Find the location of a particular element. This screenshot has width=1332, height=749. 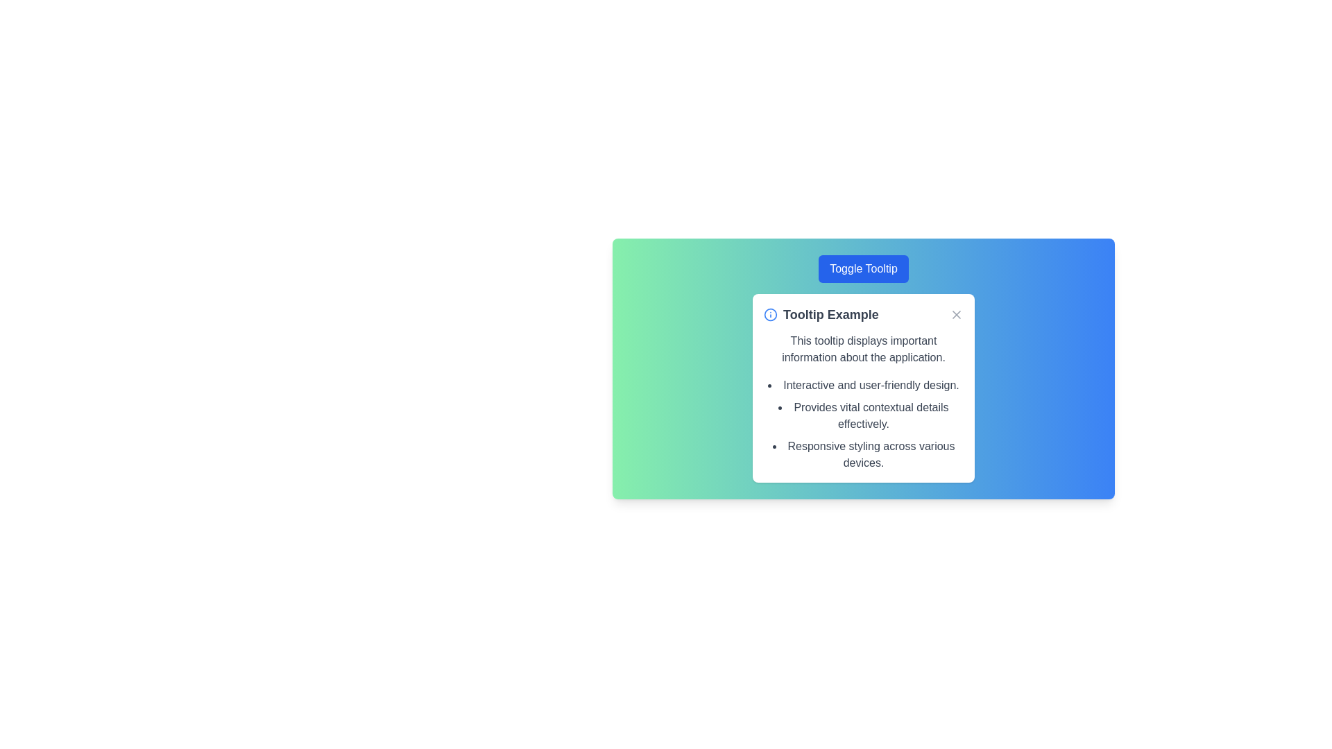

text label that serves as a title or heading for the tooltip content, positioned at the center of the tooltip box below the title area is located at coordinates (821, 315).